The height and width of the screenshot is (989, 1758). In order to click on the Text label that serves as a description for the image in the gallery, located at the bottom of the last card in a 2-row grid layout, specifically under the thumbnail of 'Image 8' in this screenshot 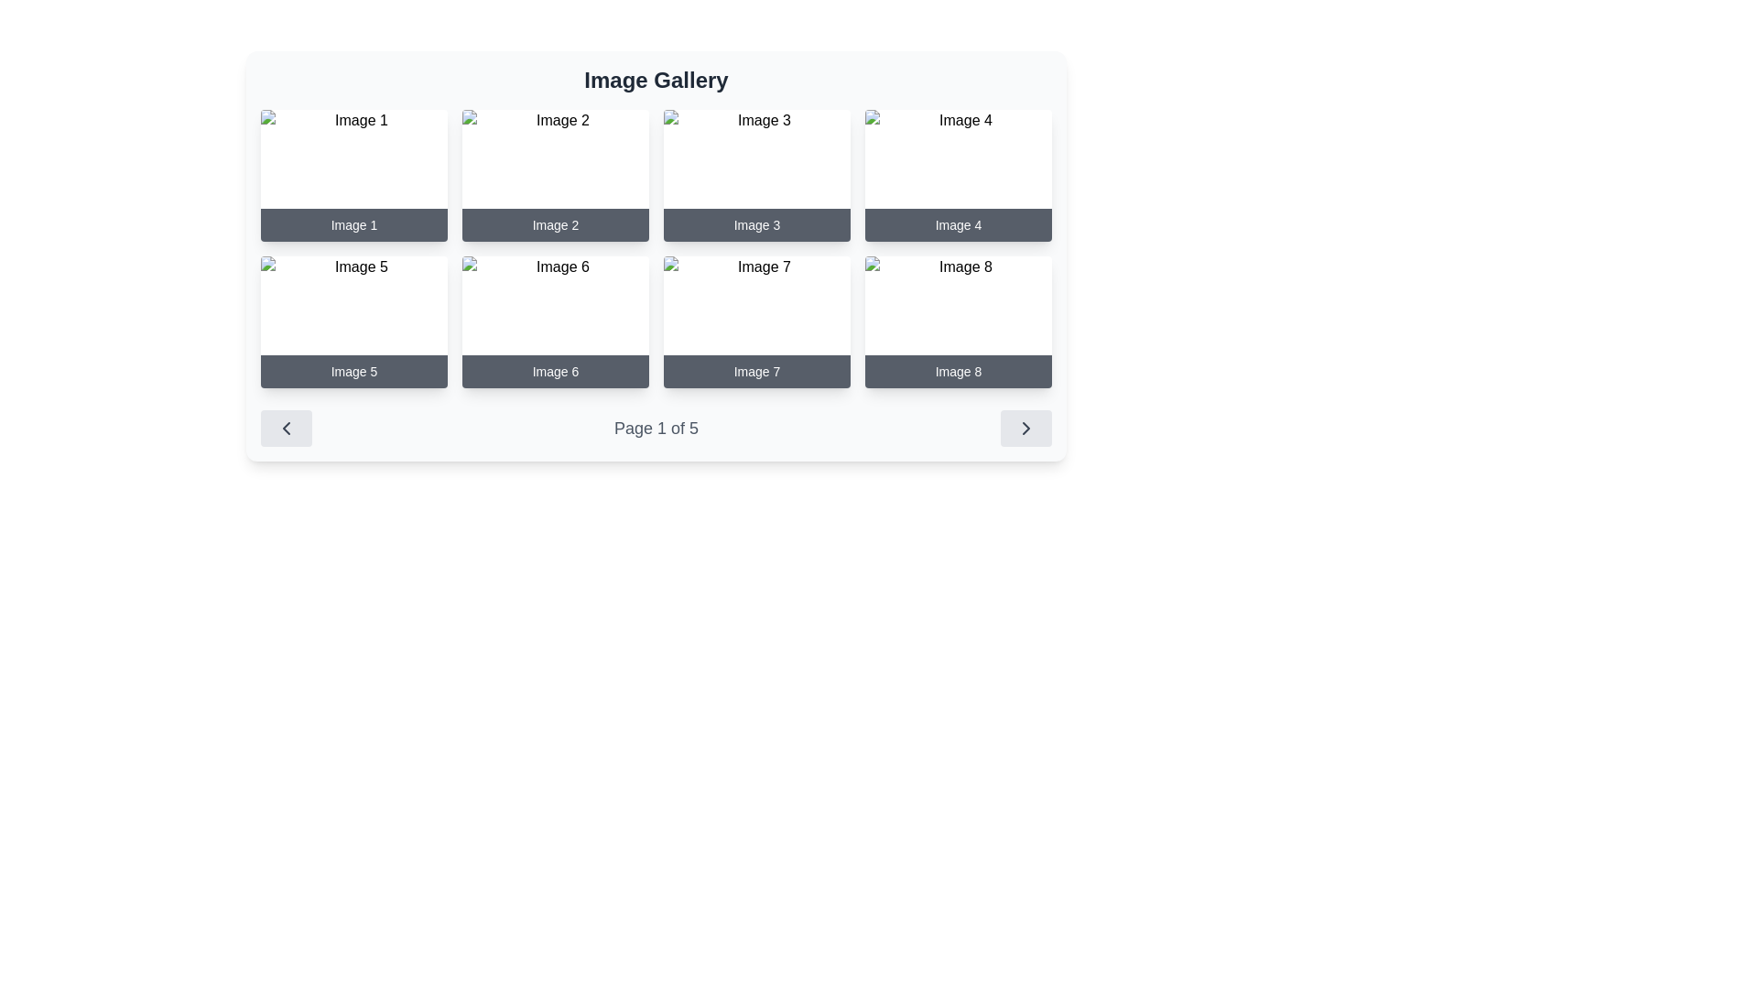, I will do `click(957, 371)`.